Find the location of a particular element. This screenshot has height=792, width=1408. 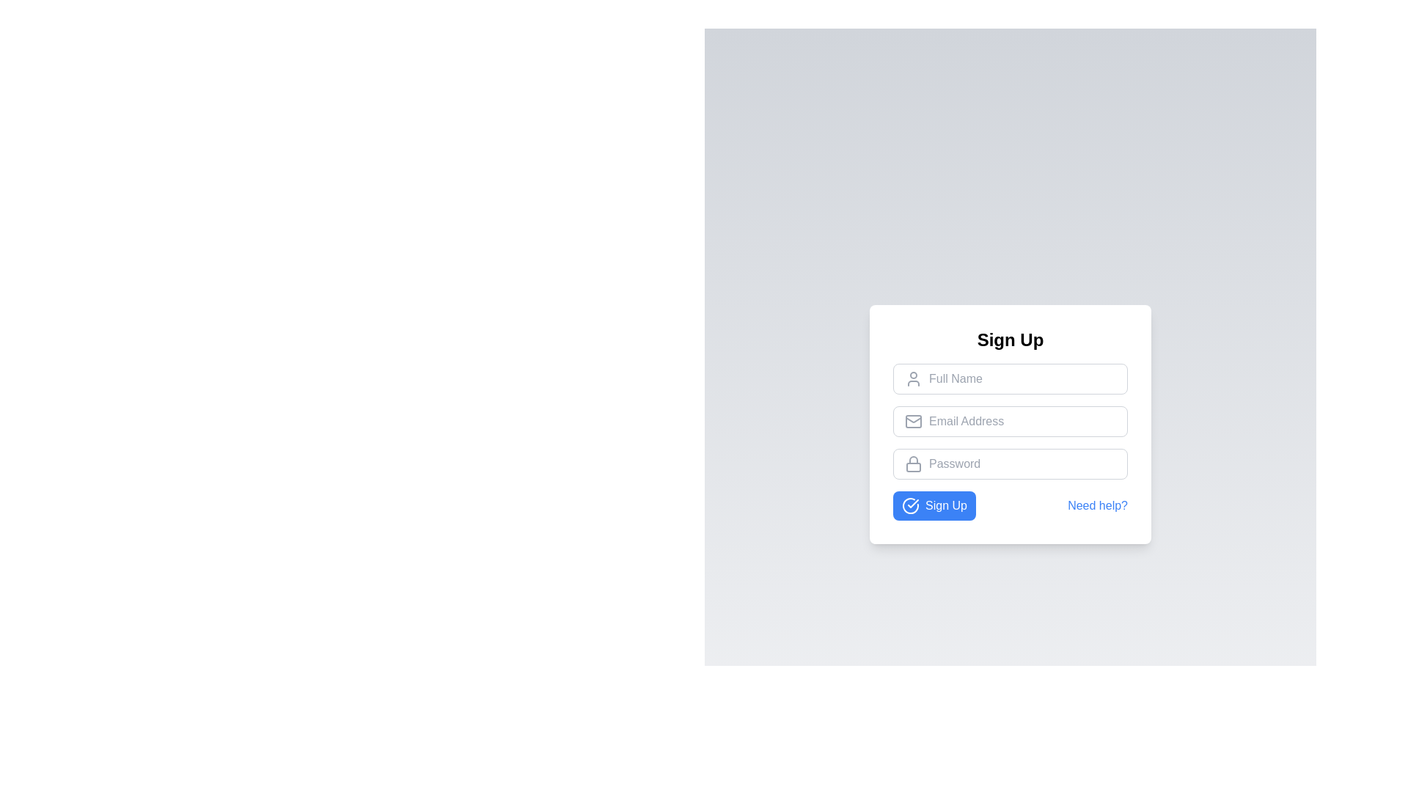

the circular icon with a checkmark inside, styled with a blue background and white outline, located to the left of the 'Sign Up' text within the 'Sign Up' button is located at coordinates (910, 505).